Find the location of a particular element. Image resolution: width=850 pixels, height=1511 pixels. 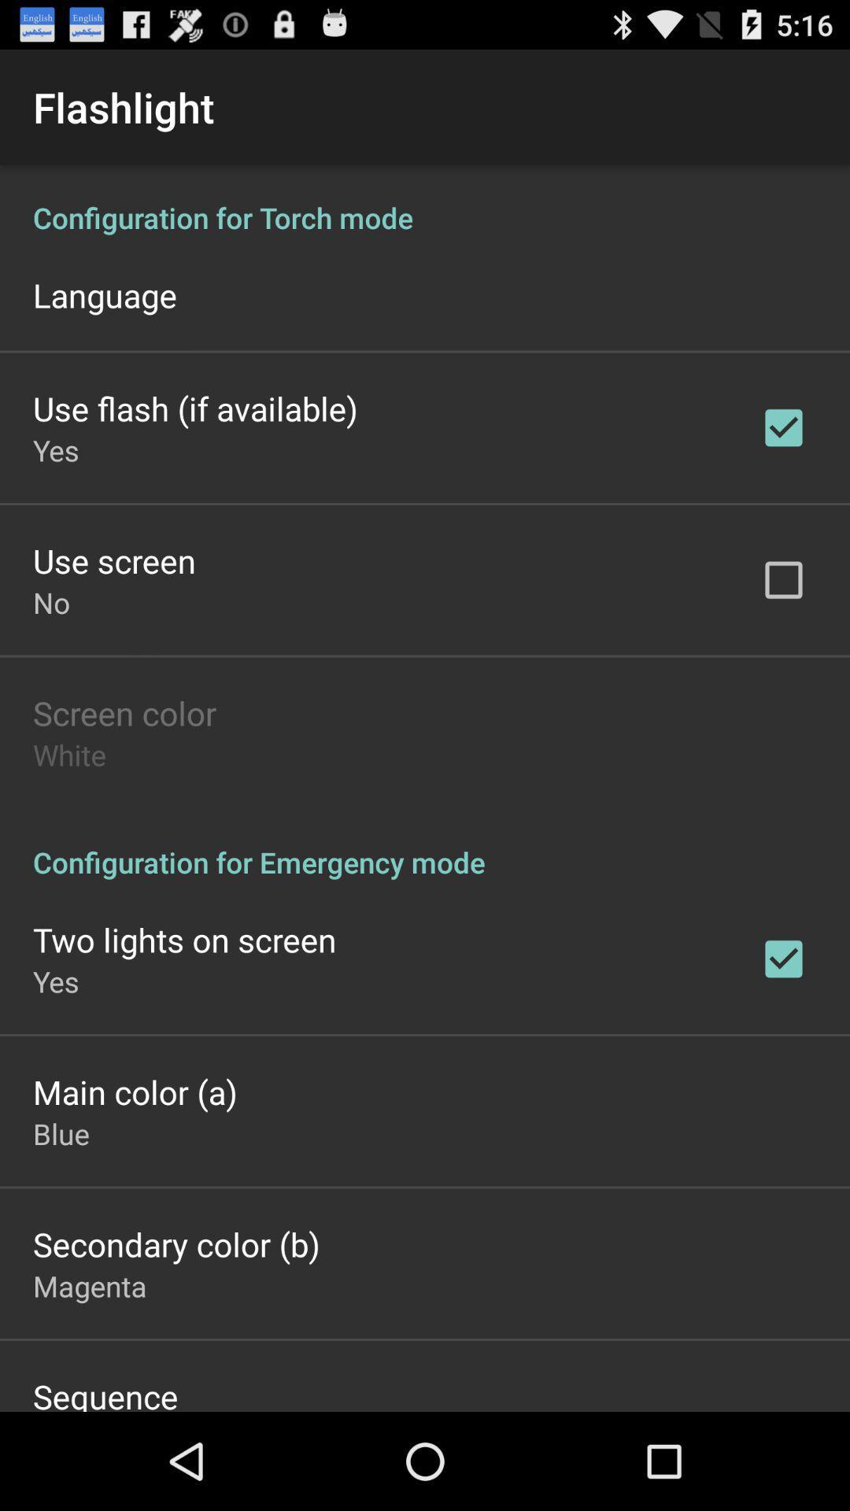

the language is located at coordinates (105, 294).